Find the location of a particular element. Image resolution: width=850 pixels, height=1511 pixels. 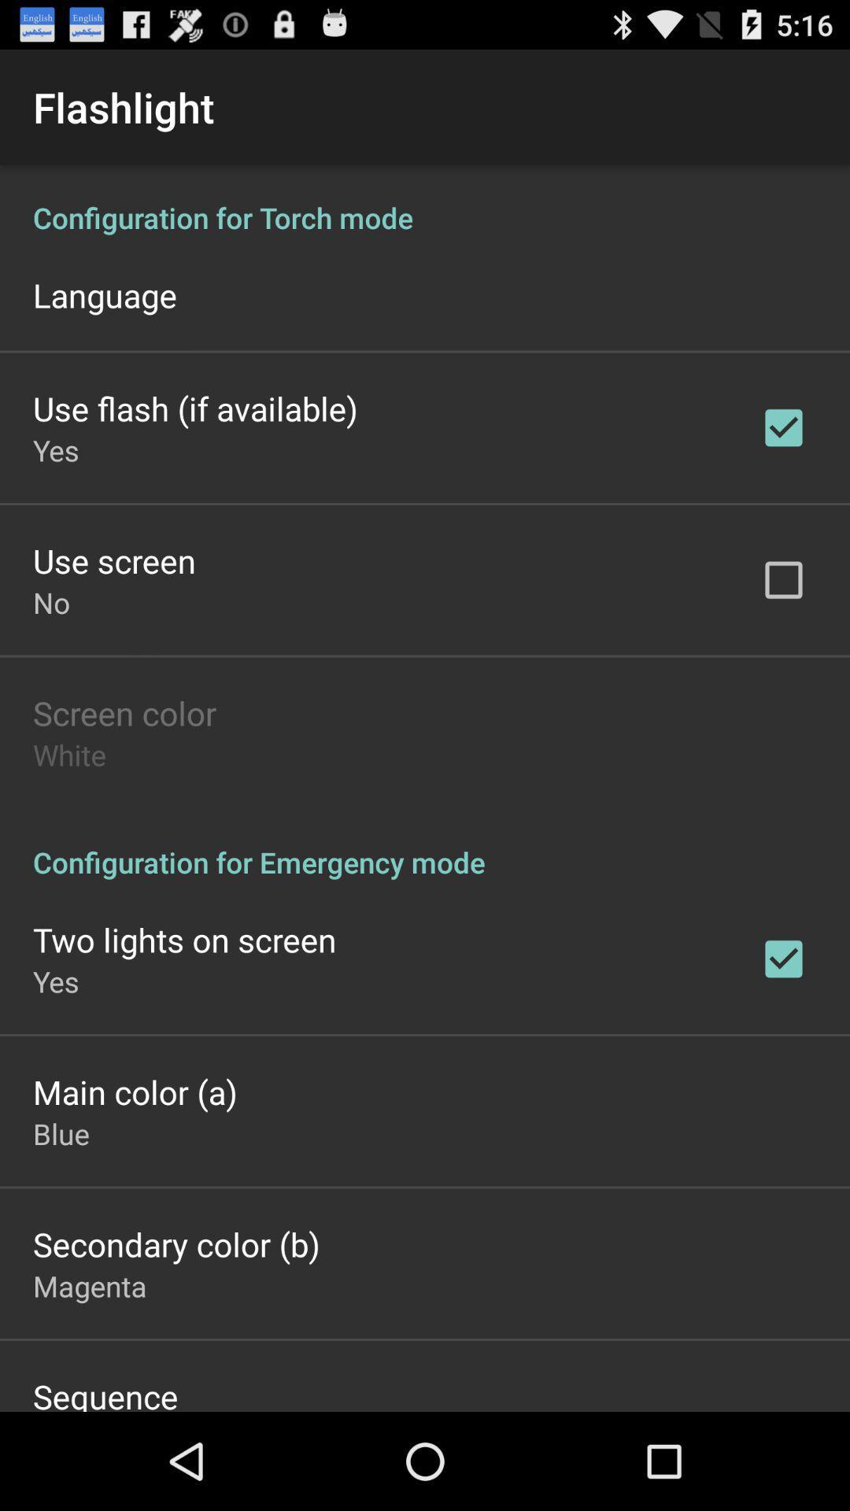

the language is located at coordinates (105, 294).